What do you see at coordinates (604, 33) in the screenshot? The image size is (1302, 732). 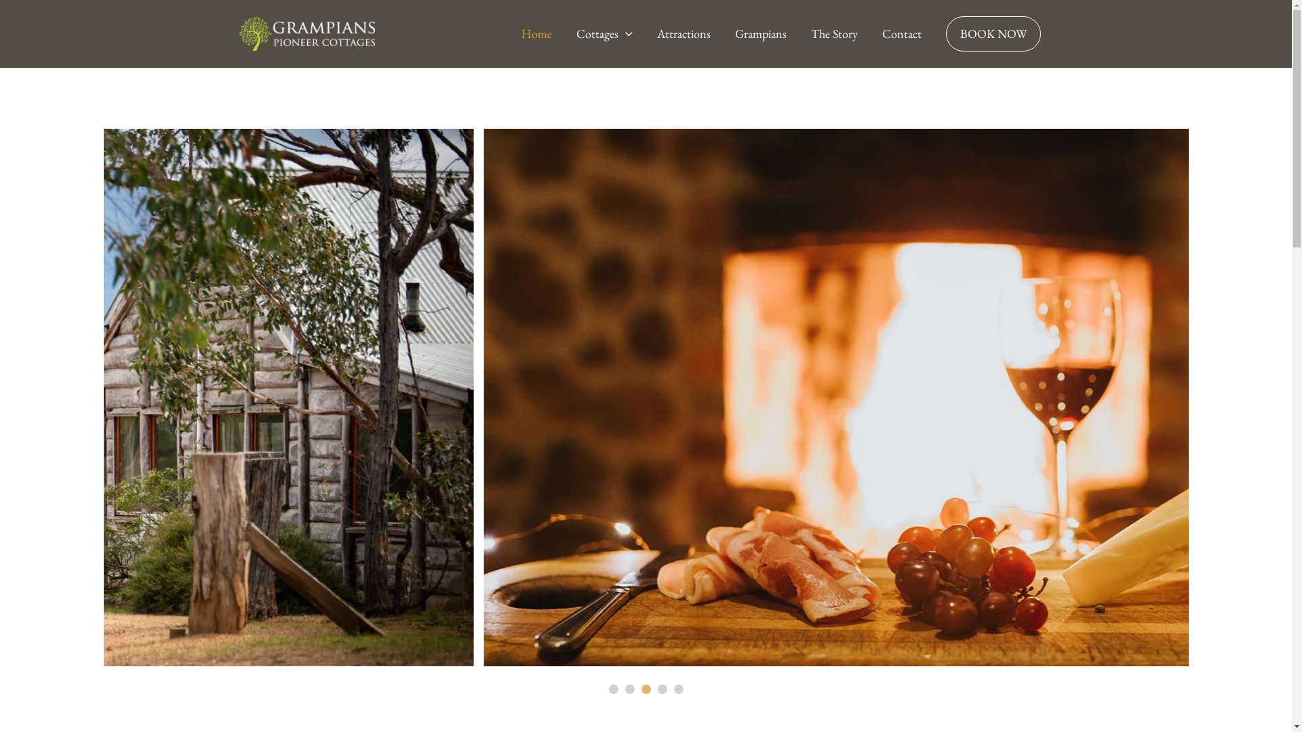 I see `'Cottages'` at bounding box center [604, 33].